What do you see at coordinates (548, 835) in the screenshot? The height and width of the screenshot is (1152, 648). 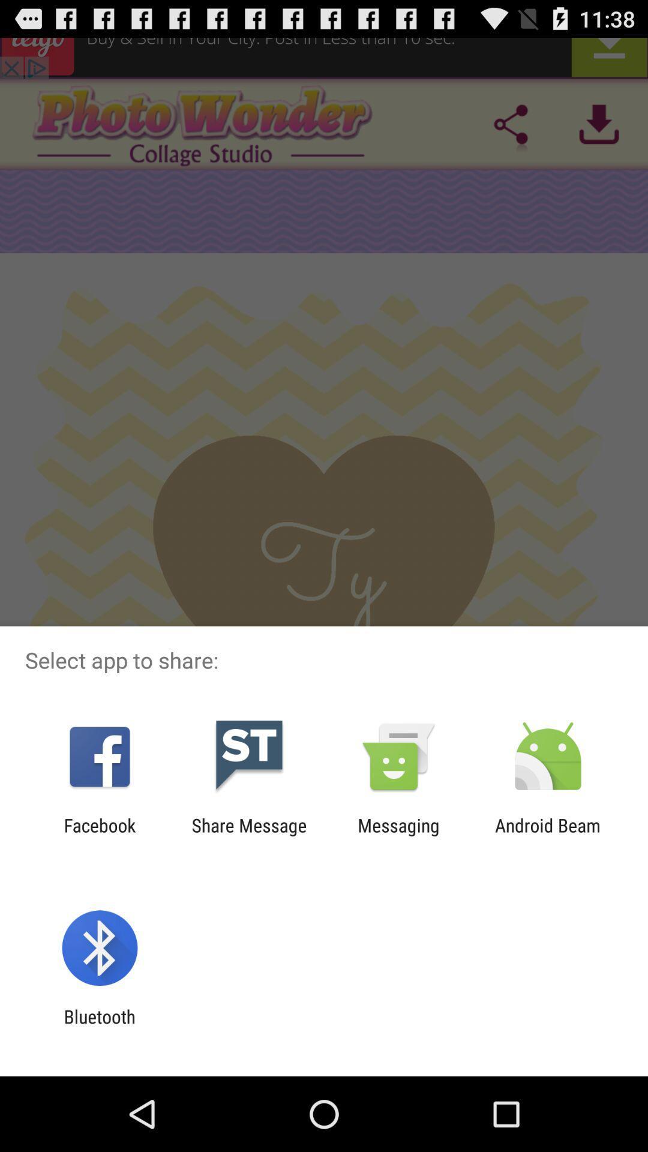 I see `item to the right of the messaging item` at bounding box center [548, 835].